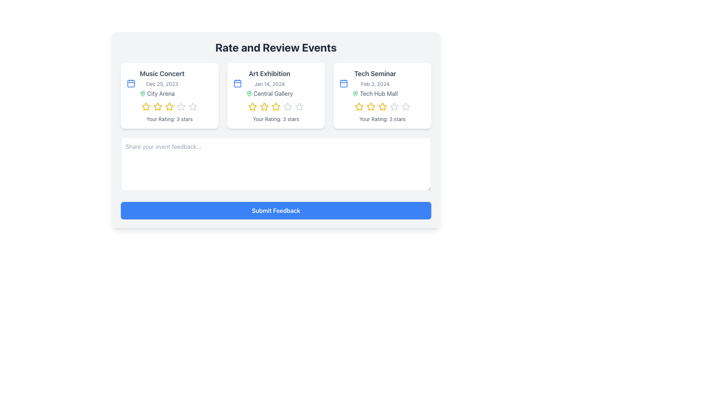 This screenshot has width=703, height=395. I want to click on the third star icon in the rating component located in the middle card below 'Central Gallery' and above 'Your Rating: 3 stars', so click(275, 107).